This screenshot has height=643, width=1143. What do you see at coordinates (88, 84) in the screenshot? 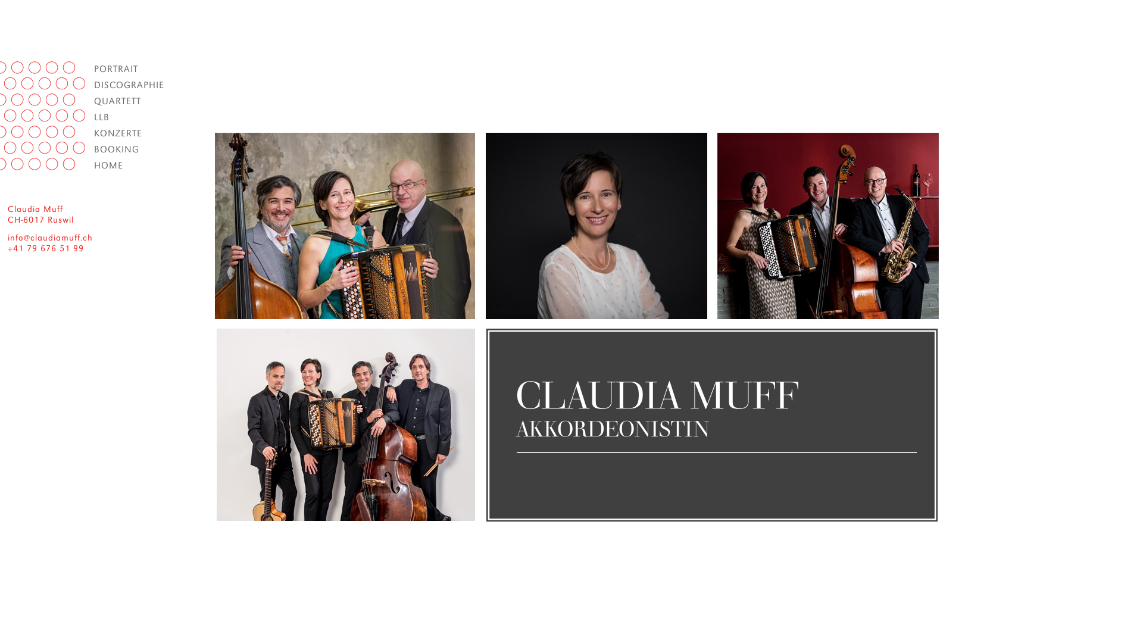
I see `'DISCOGRAPHIE'` at bounding box center [88, 84].